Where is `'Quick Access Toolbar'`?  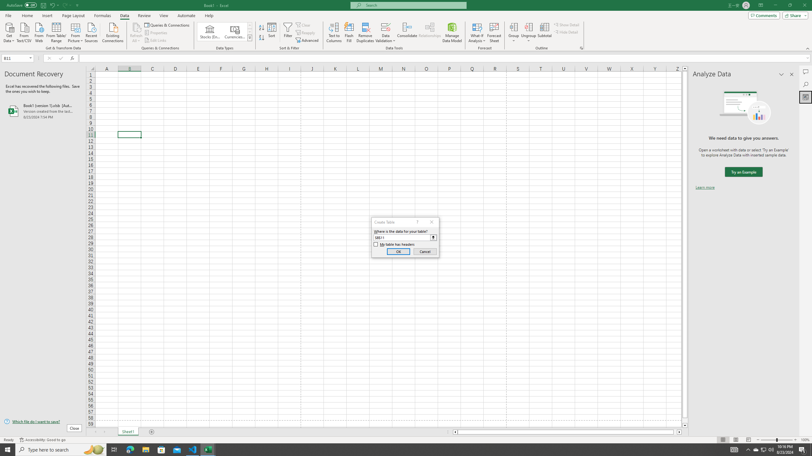 'Quick Access Toolbar' is located at coordinates (43, 5).